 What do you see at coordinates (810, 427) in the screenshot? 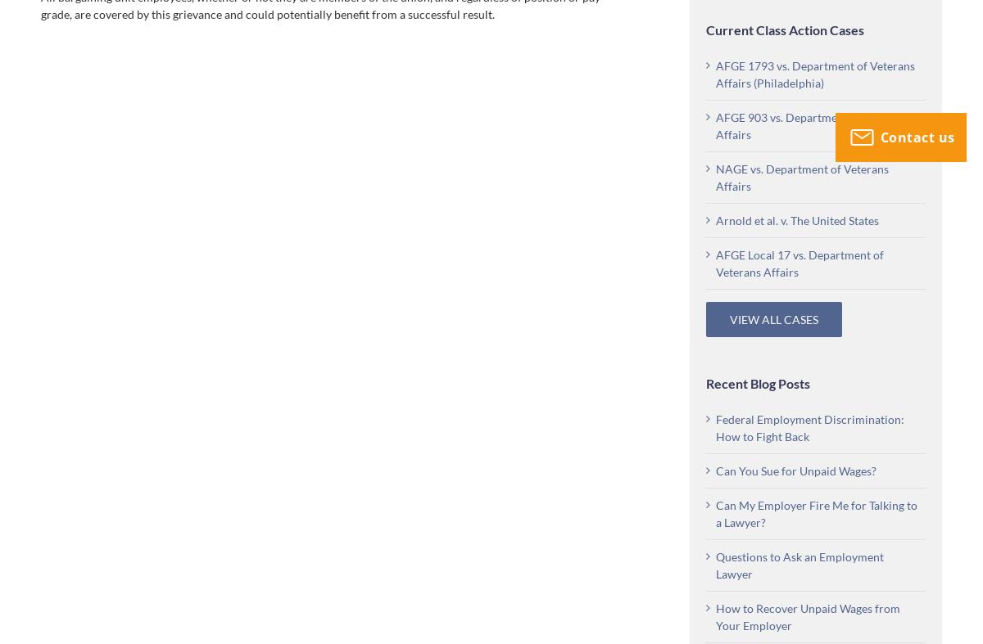
I see `'Federal Employment Discrimination: How to Fight Back'` at bounding box center [810, 427].